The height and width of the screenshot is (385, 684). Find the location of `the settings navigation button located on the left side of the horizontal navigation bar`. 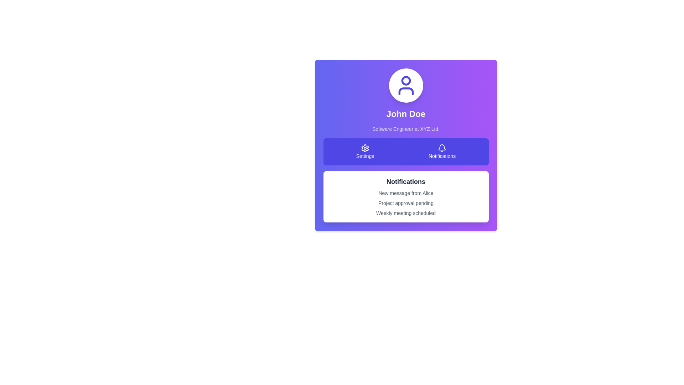

the settings navigation button located on the left side of the horizontal navigation bar is located at coordinates (365, 151).